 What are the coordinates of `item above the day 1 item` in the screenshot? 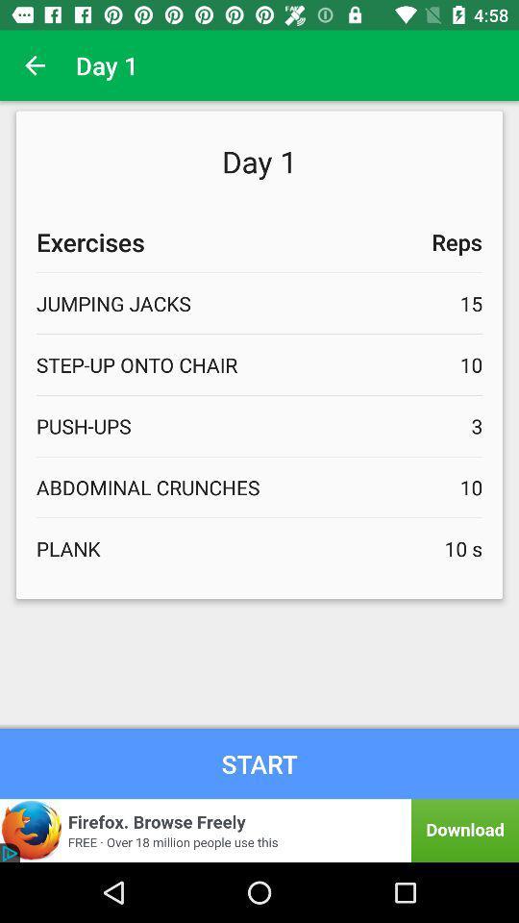 It's located at (35, 65).